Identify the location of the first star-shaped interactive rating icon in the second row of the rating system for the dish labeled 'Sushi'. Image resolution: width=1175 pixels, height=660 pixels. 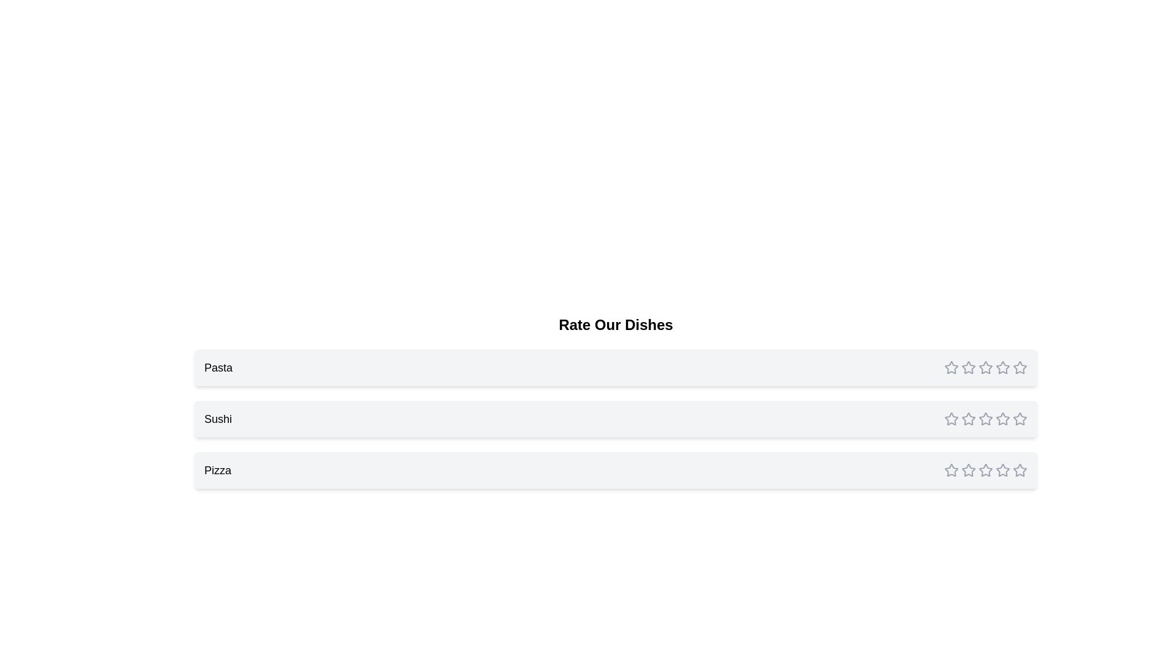
(950, 418).